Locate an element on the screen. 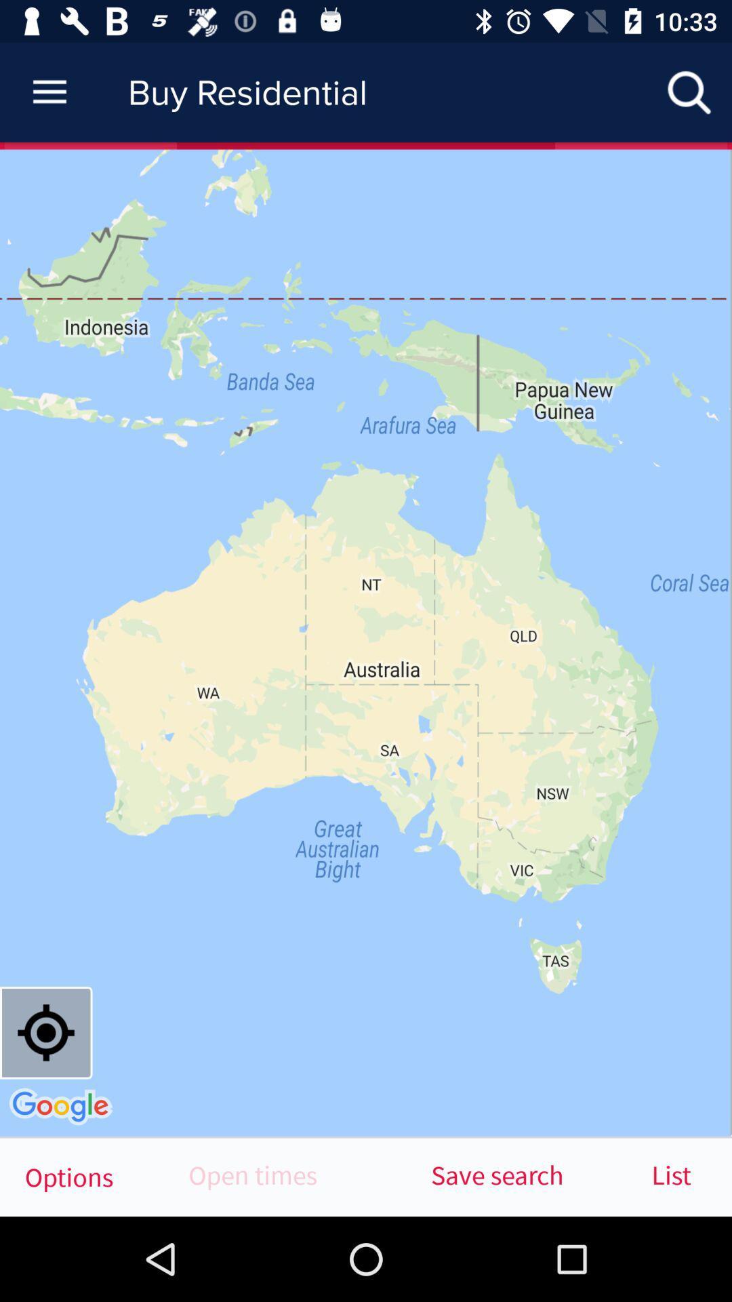 Image resolution: width=732 pixels, height=1302 pixels. the location_crosshair icon is located at coordinates (45, 1032).